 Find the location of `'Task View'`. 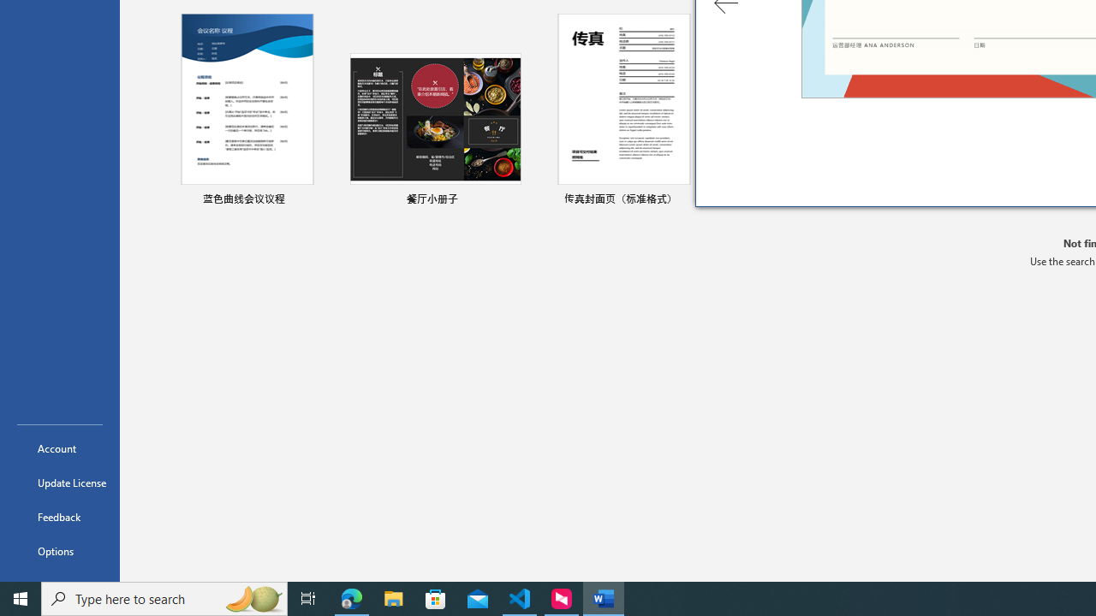

'Task View' is located at coordinates (307, 597).